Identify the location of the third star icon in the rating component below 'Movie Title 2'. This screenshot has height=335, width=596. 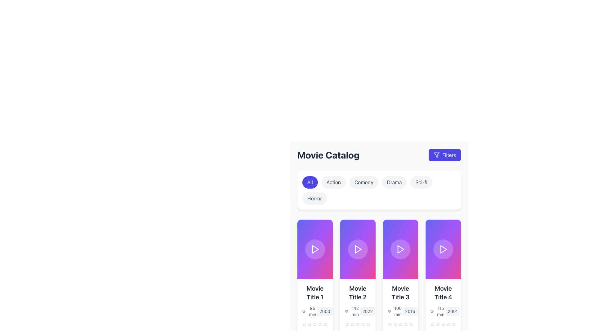
(352, 324).